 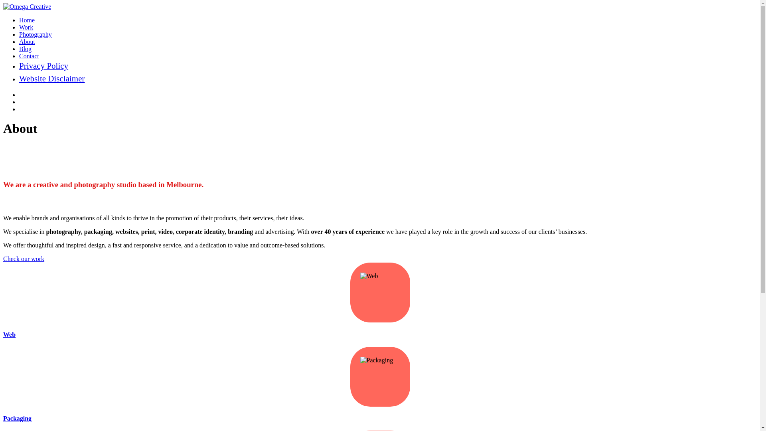 I want to click on 'Check our work', so click(x=3, y=259).